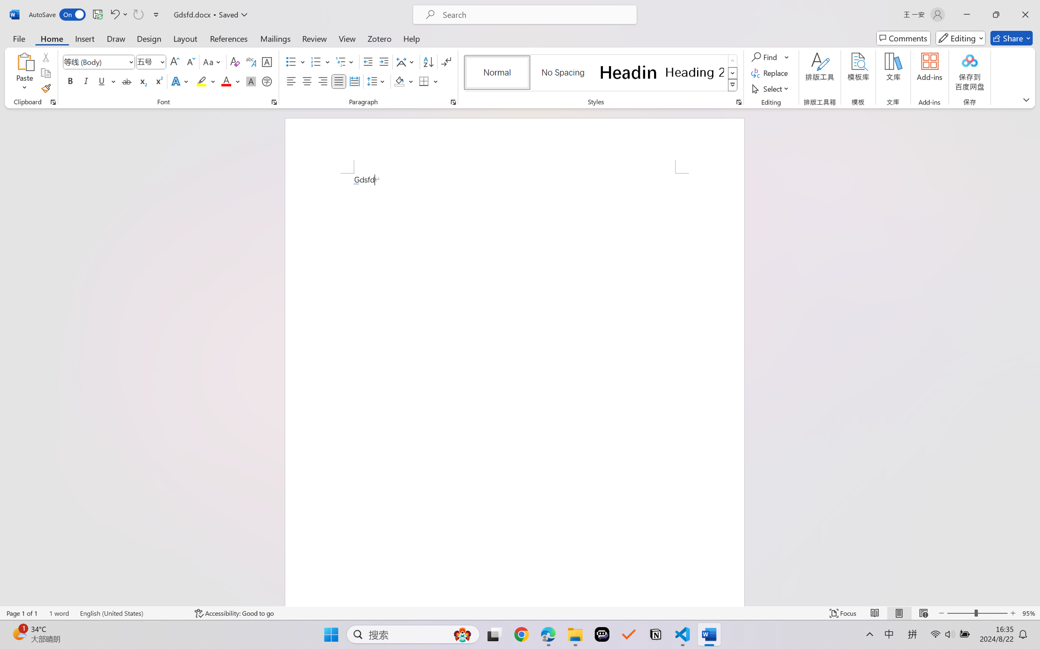 The height and width of the screenshot is (649, 1040). What do you see at coordinates (404, 81) in the screenshot?
I see `'Shading'` at bounding box center [404, 81].